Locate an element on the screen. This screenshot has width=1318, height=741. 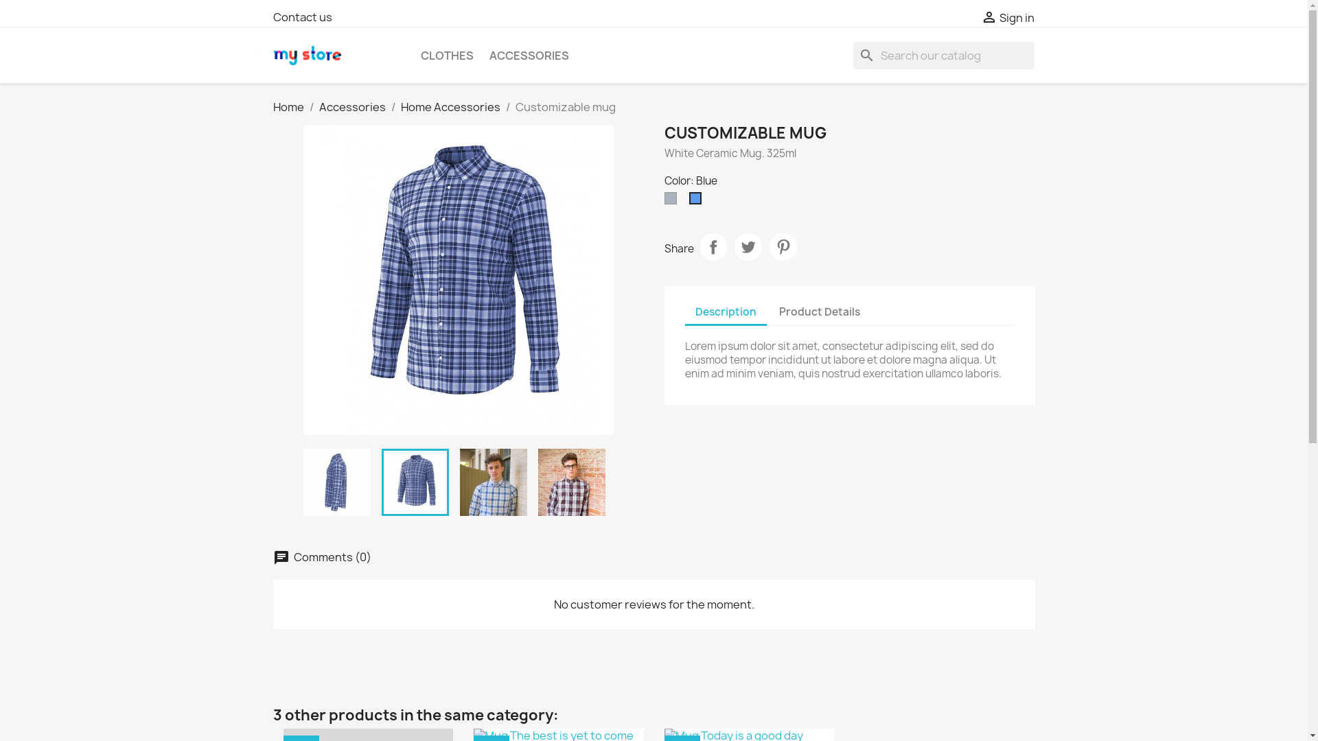
'Home Accessories' is located at coordinates (450, 106).